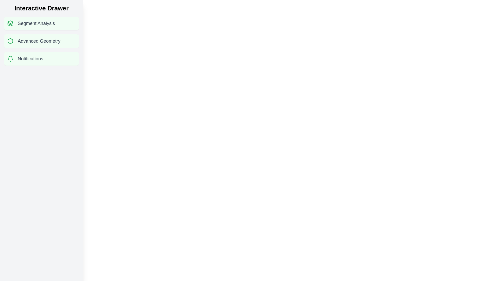 The height and width of the screenshot is (281, 500). Describe the element at coordinates (41, 59) in the screenshot. I see `the feature item Notifications in the drawer` at that location.